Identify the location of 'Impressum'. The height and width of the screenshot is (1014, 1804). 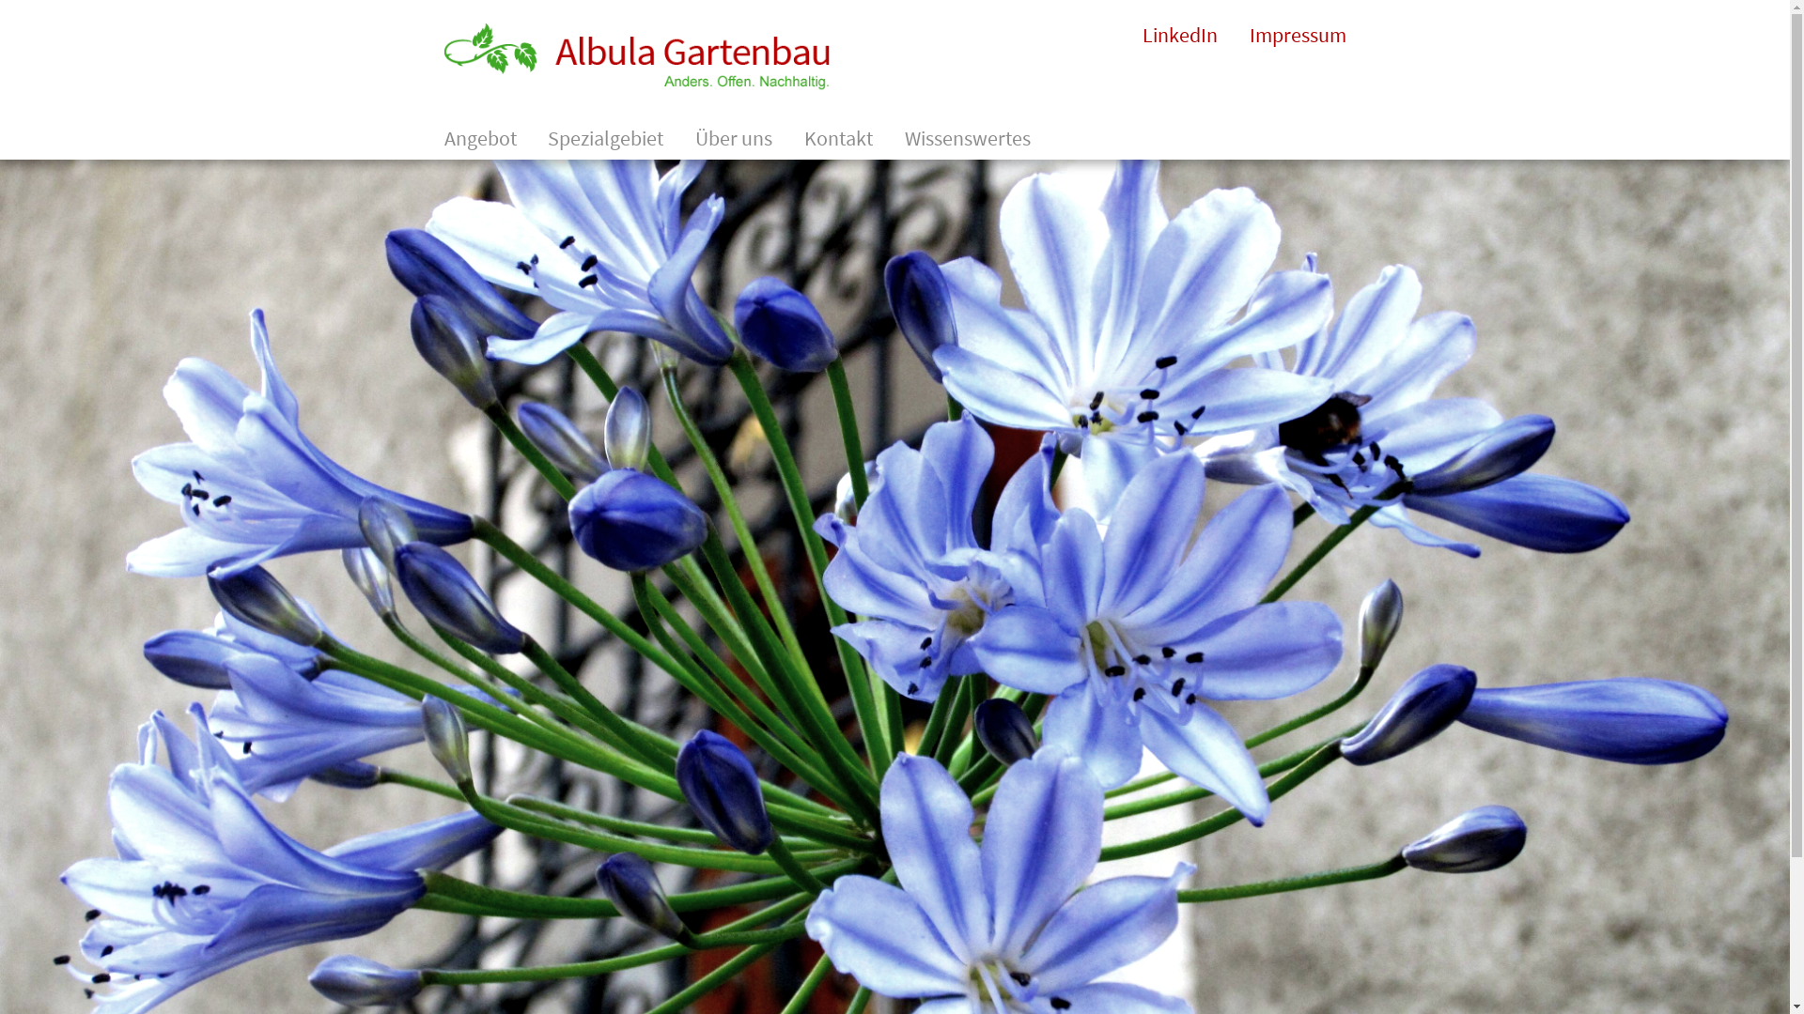
(1297, 35).